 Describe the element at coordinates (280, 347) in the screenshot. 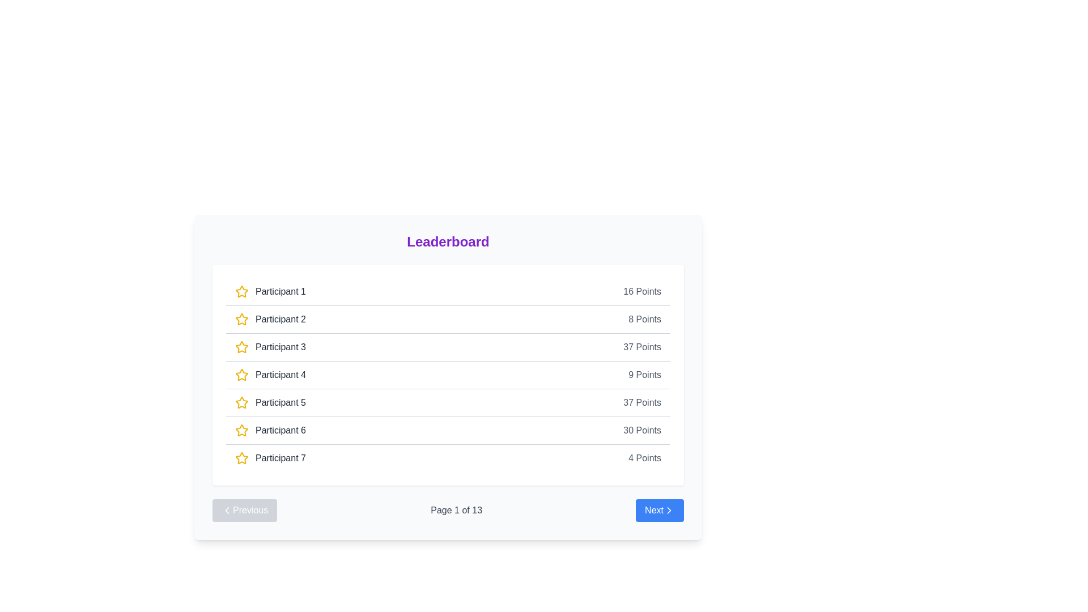

I see `text displayed in the label for 'Participant 3', which is part of the leaderboard entries` at that location.